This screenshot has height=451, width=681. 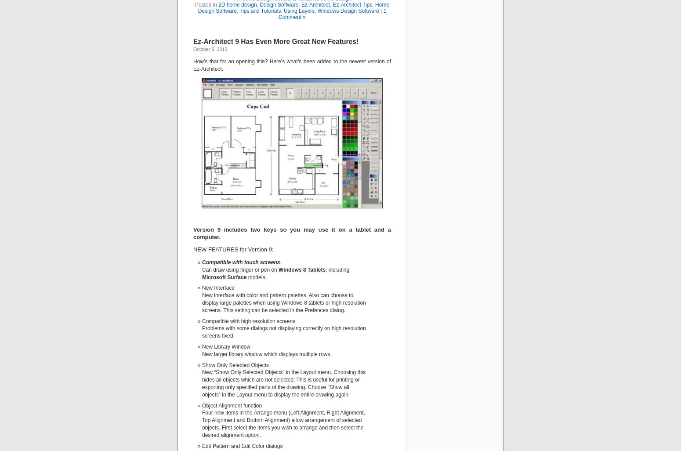 I want to click on 'Show Only Selected Objects', so click(x=235, y=365).